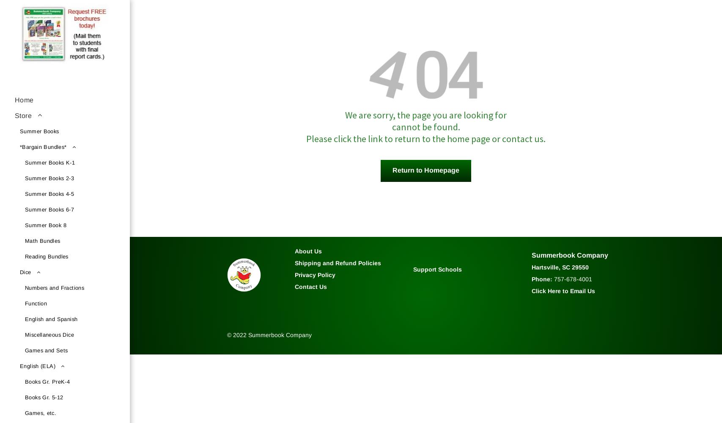 This screenshot has height=423, width=722. I want to click on 'Phone:', so click(541, 279).